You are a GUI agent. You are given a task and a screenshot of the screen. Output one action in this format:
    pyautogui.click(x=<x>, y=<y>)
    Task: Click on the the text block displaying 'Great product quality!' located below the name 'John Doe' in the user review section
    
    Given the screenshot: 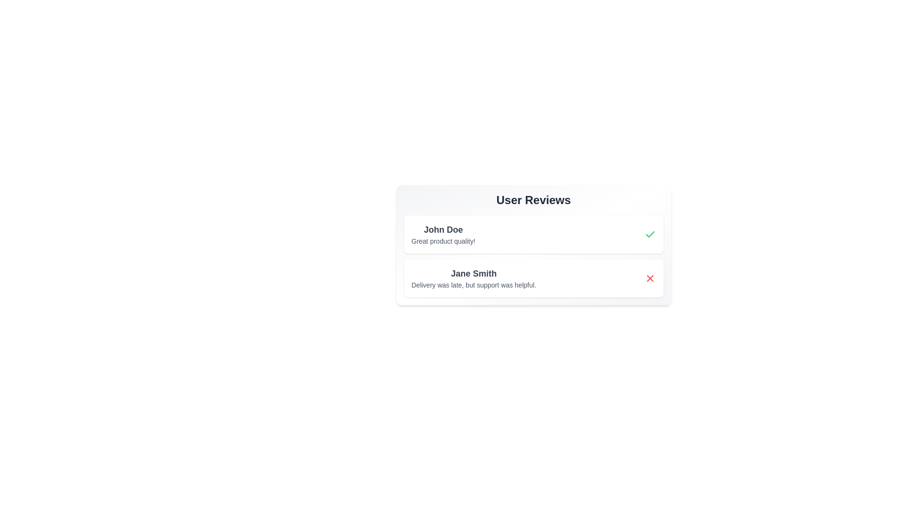 What is the action you would take?
    pyautogui.click(x=443, y=240)
    